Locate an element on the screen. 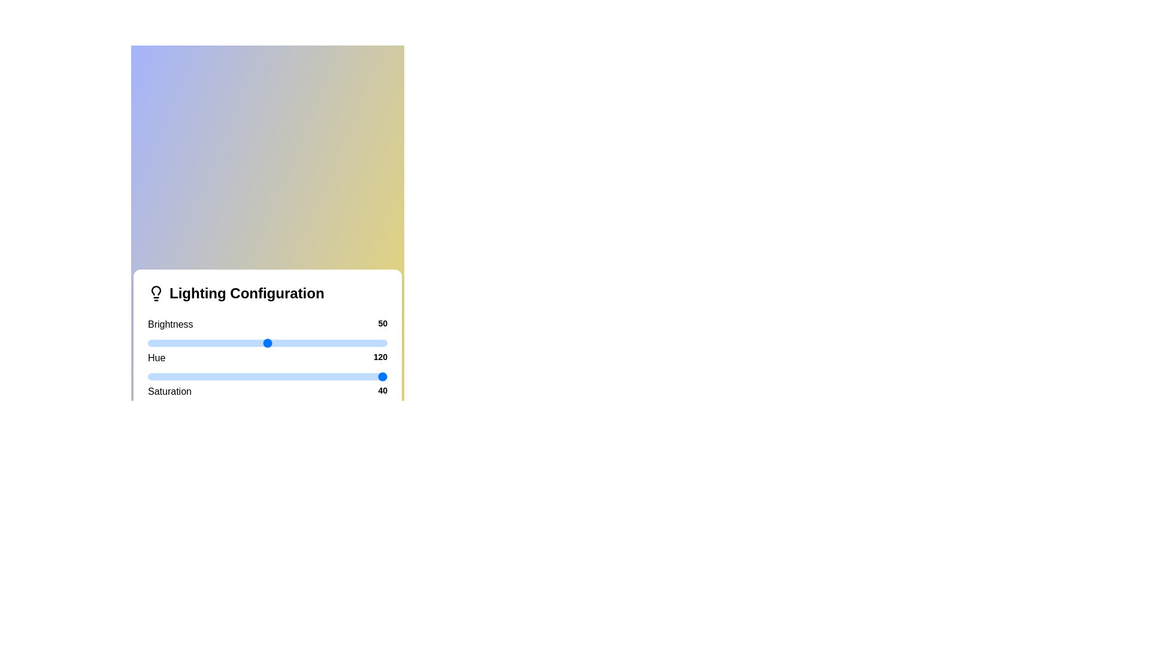 The image size is (1150, 647). the hue slider to 25 is located at coordinates (207, 376).